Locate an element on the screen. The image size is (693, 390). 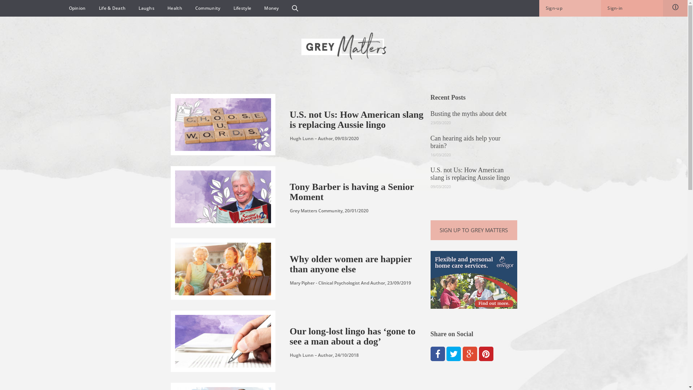
'09/03/2020' is located at coordinates (346, 138).